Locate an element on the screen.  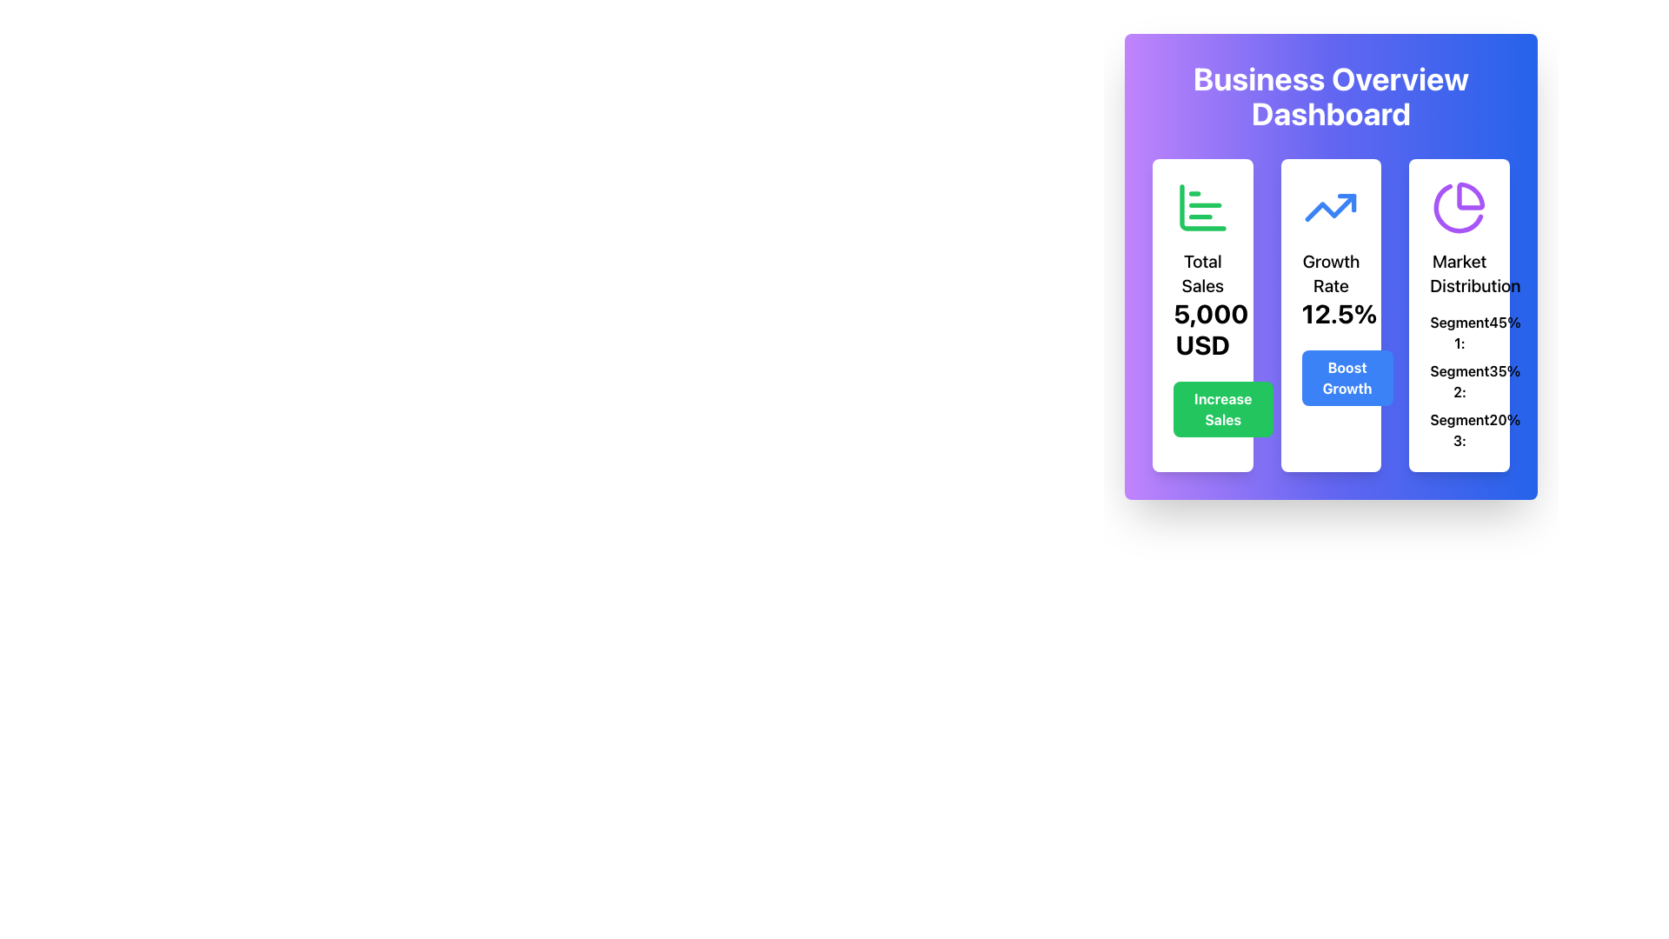
the Text Label that serves as a section title for the market distribution card, located beneath the pie chart icon and above the segment details in the upper part of the card is located at coordinates (1460, 274).